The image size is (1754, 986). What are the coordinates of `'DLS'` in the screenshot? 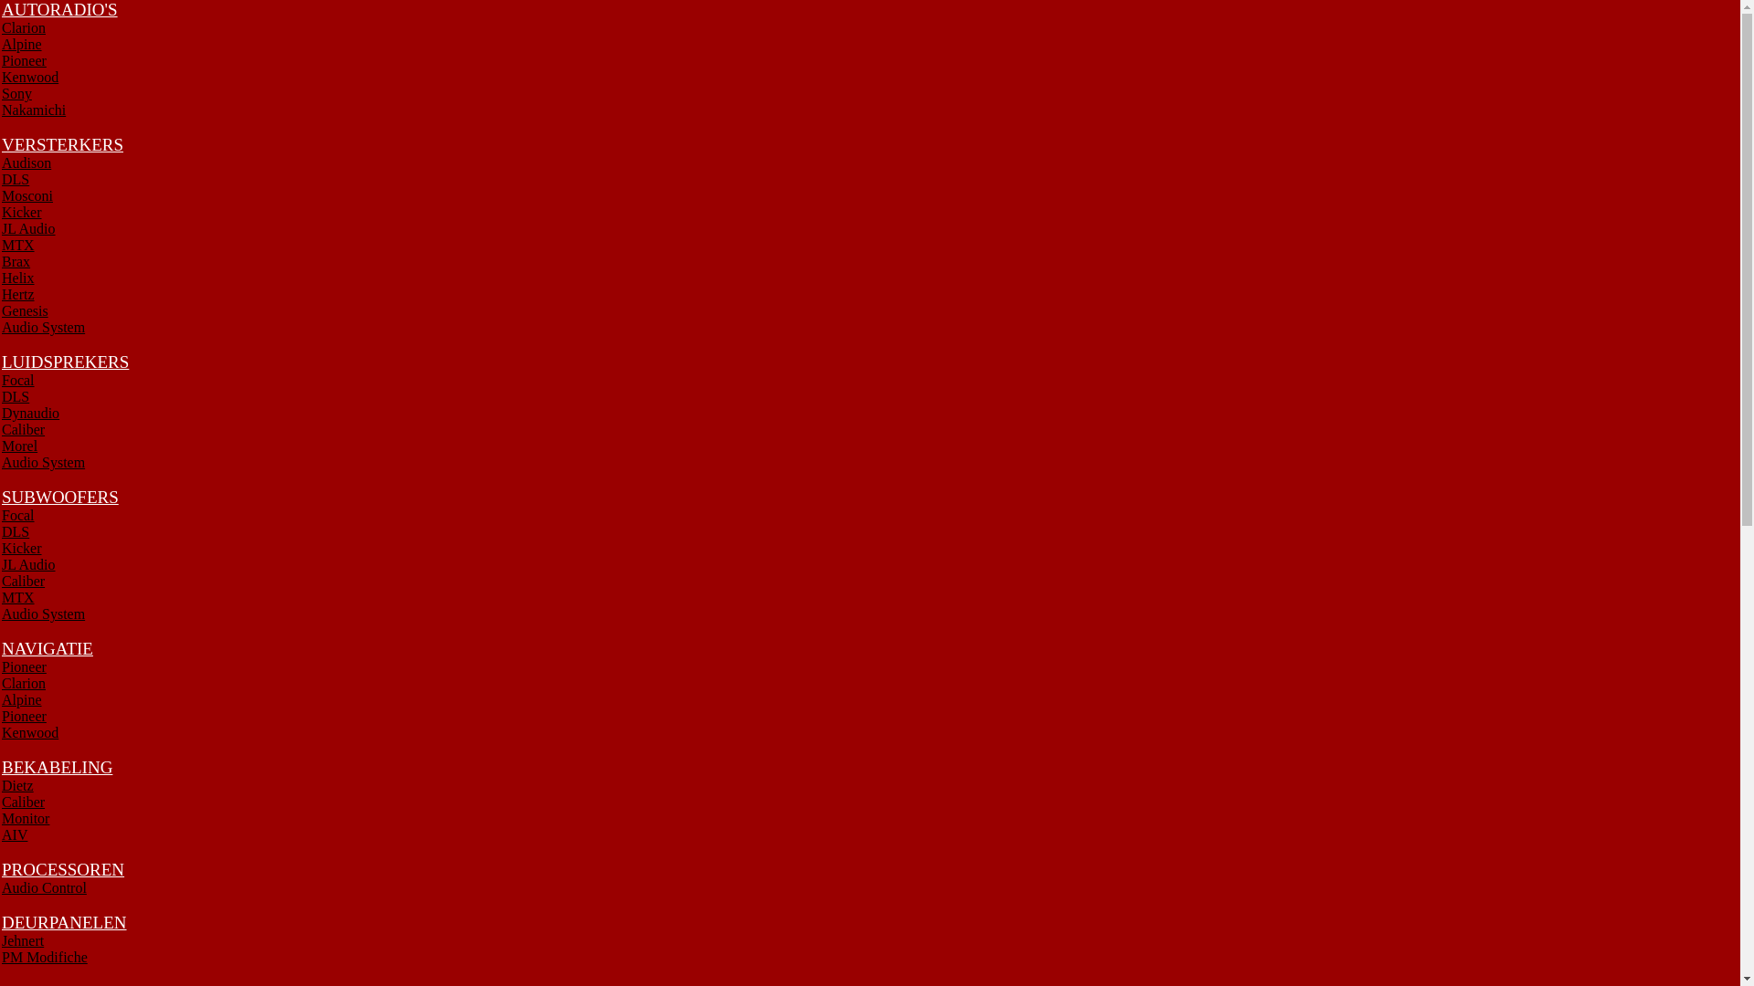 It's located at (16, 179).